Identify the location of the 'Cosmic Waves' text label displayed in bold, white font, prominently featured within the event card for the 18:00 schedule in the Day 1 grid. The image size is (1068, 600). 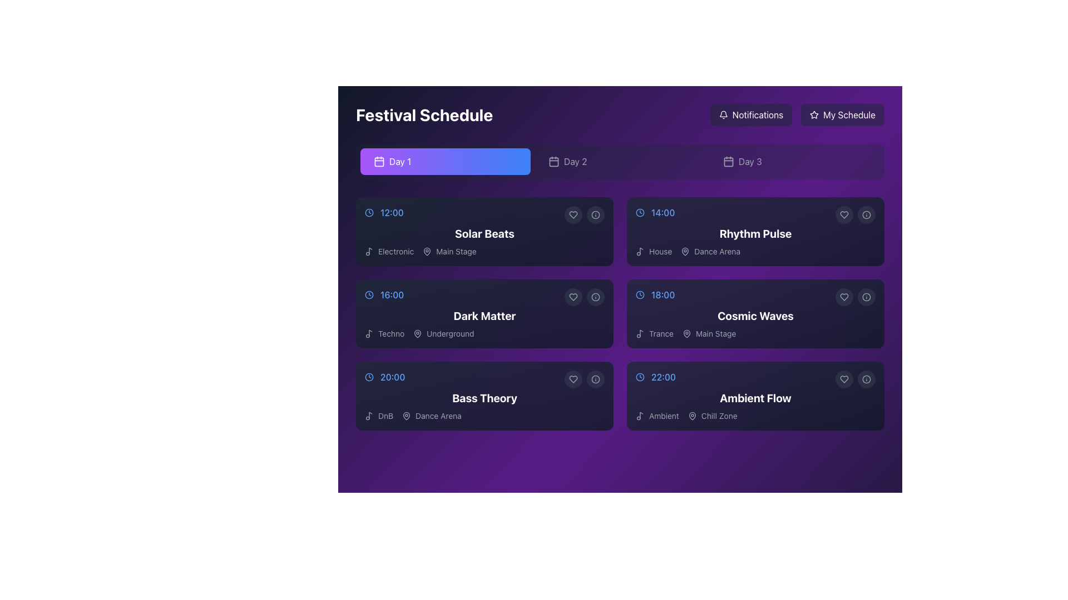
(755, 316).